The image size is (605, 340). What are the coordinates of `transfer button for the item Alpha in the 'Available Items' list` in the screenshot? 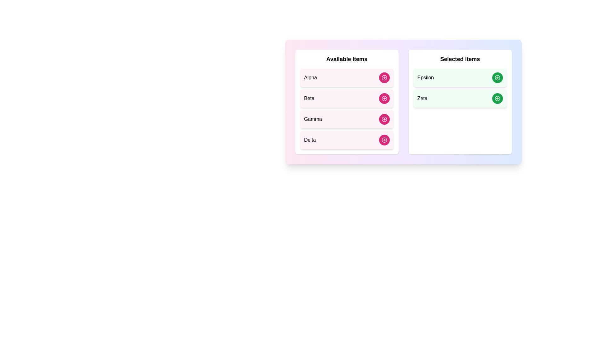 It's located at (384, 77).